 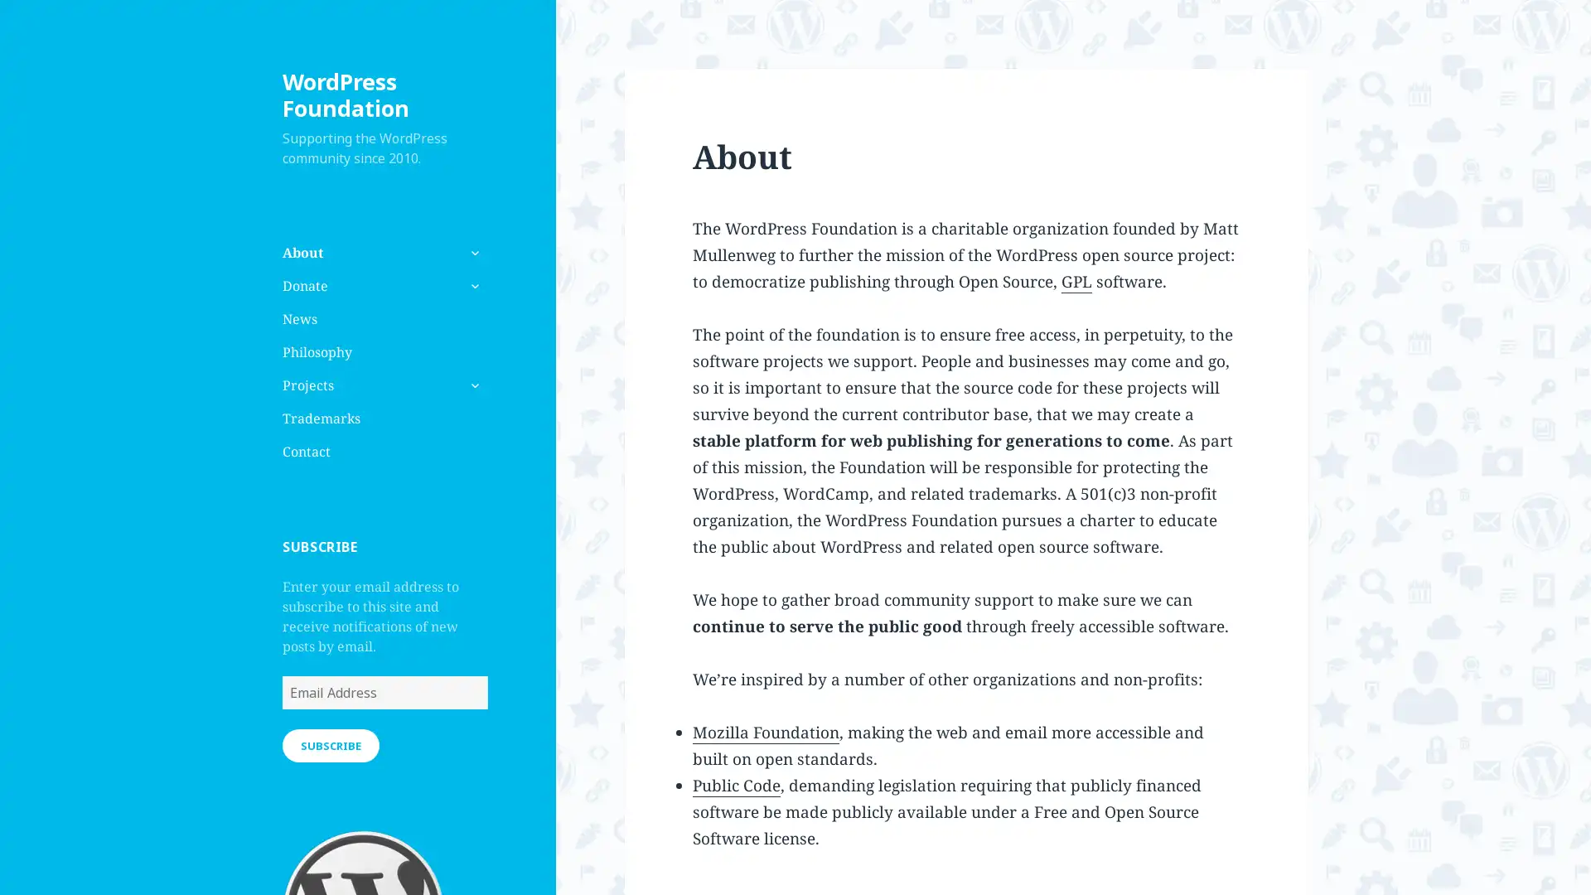 I want to click on SUBSCRIBE, so click(x=330, y=743).